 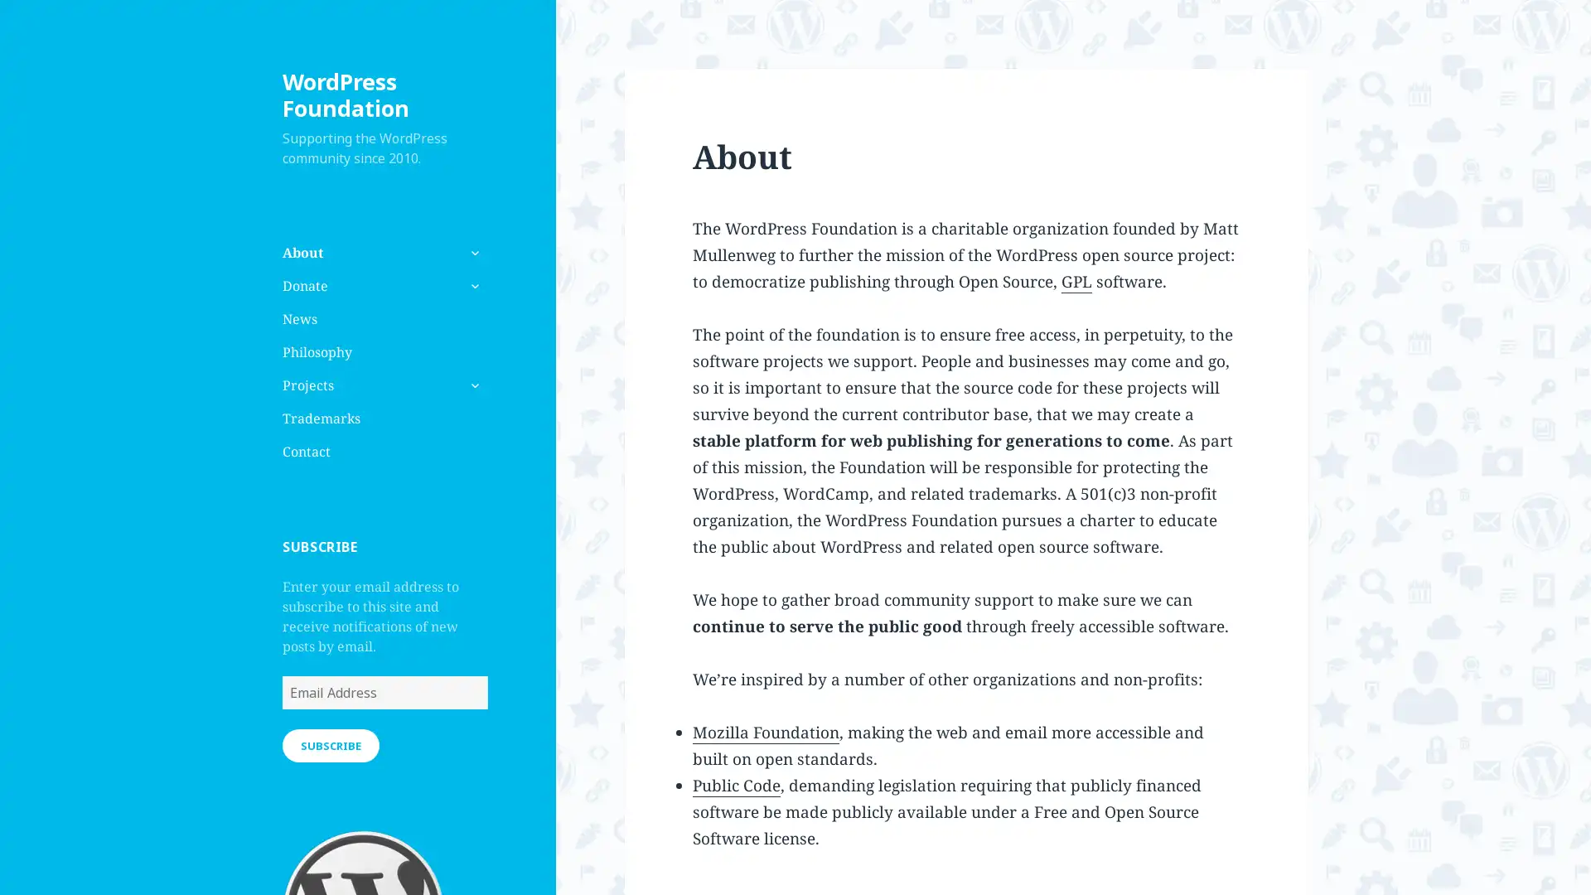 I want to click on SUBSCRIBE, so click(x=330, y=743).